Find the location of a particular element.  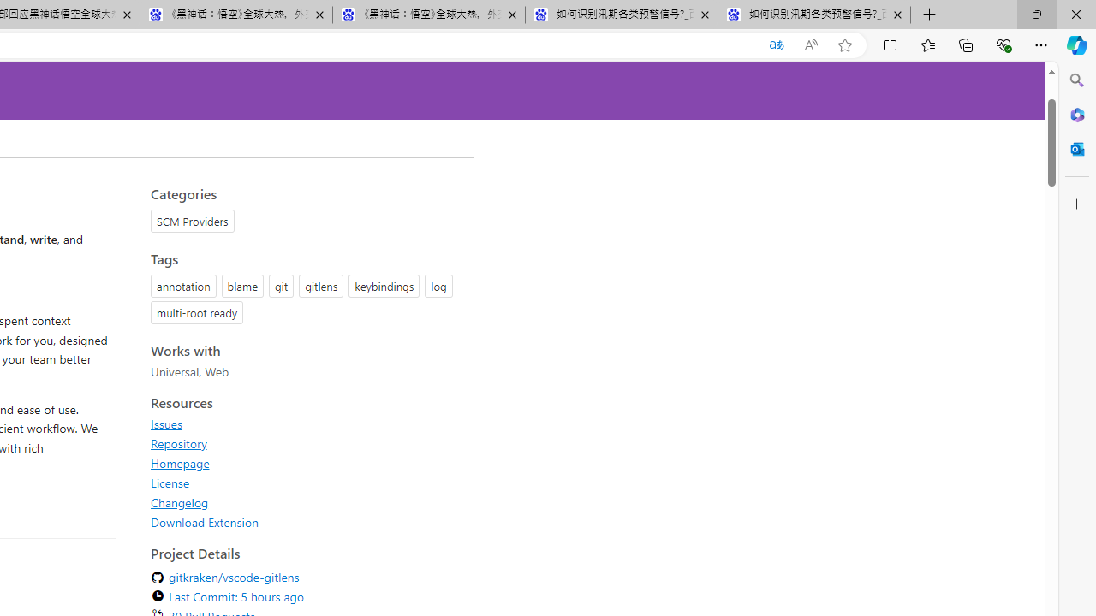

'License' is located at coordinates (170, 483).